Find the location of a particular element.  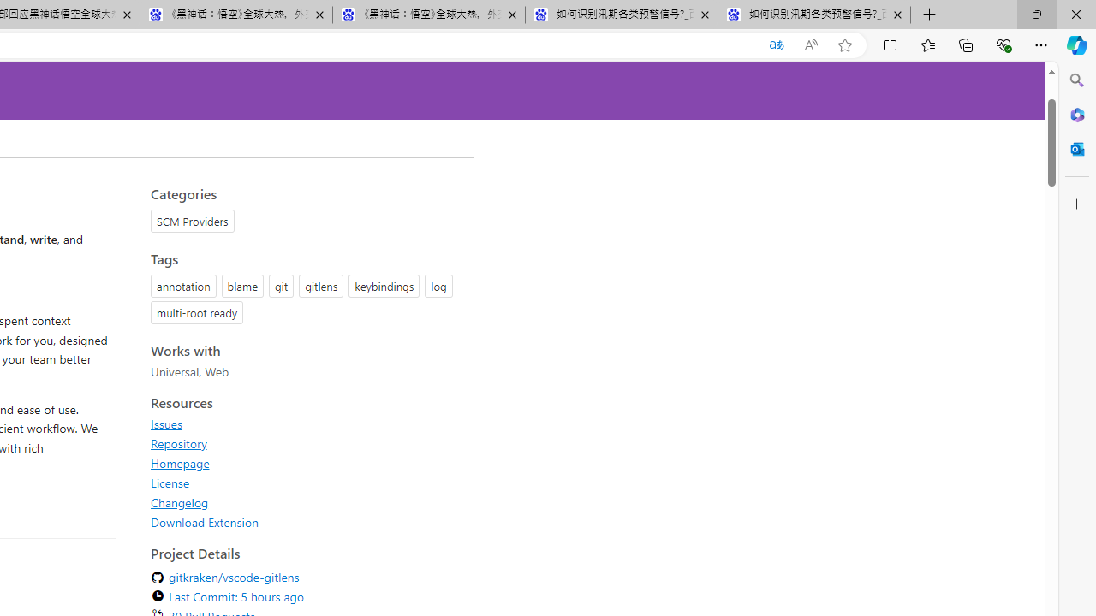

'License' is located at coordinates (170, 483).